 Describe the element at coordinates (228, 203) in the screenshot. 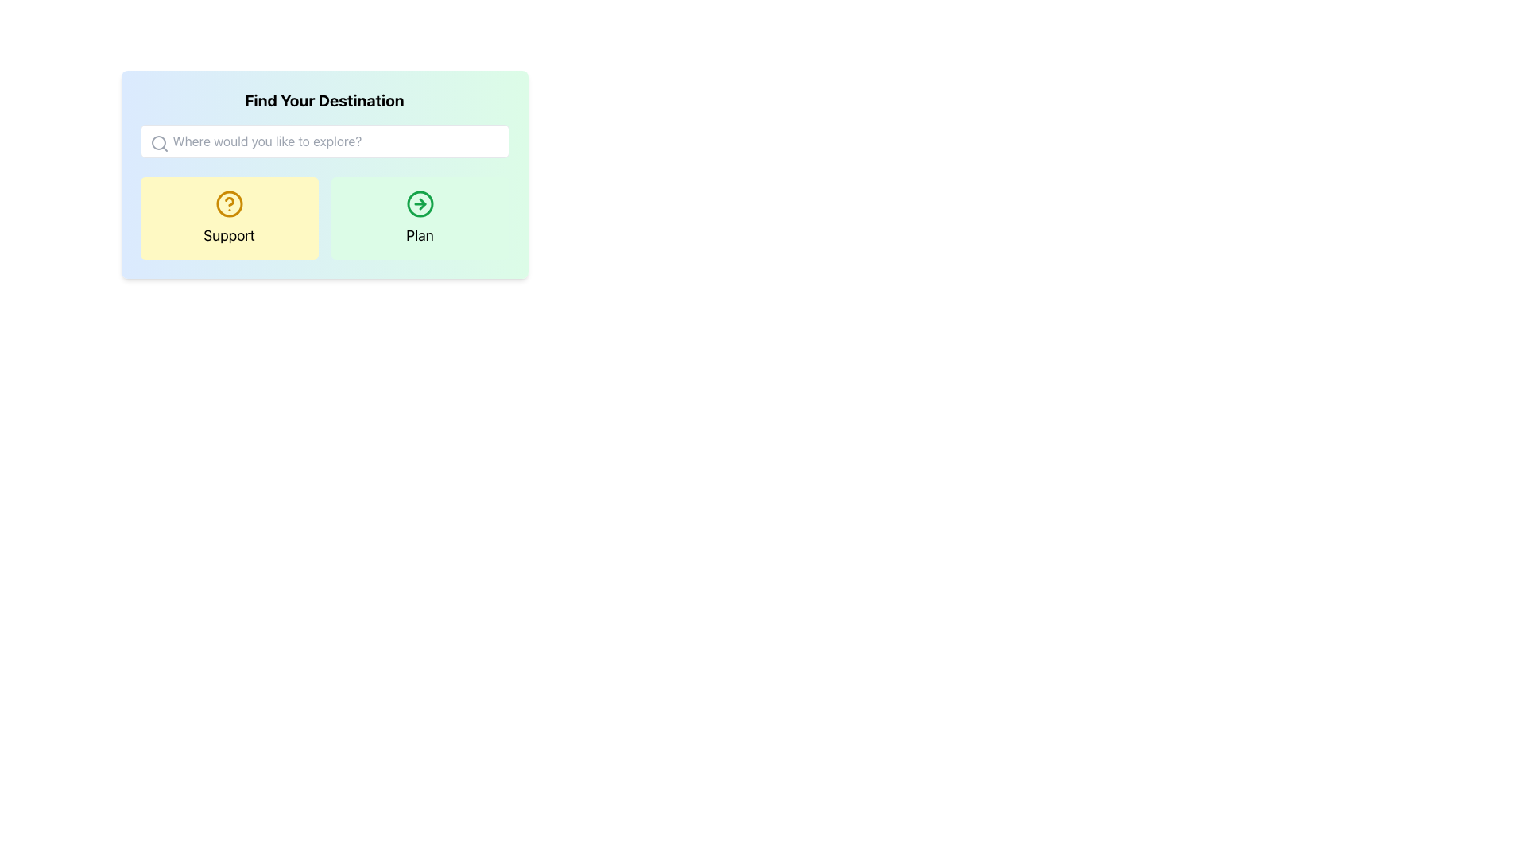

I see `the circular icon with a yellow outline and a question mark inside, located above the 'Support' text in the yellow rectangular segment` at that location.